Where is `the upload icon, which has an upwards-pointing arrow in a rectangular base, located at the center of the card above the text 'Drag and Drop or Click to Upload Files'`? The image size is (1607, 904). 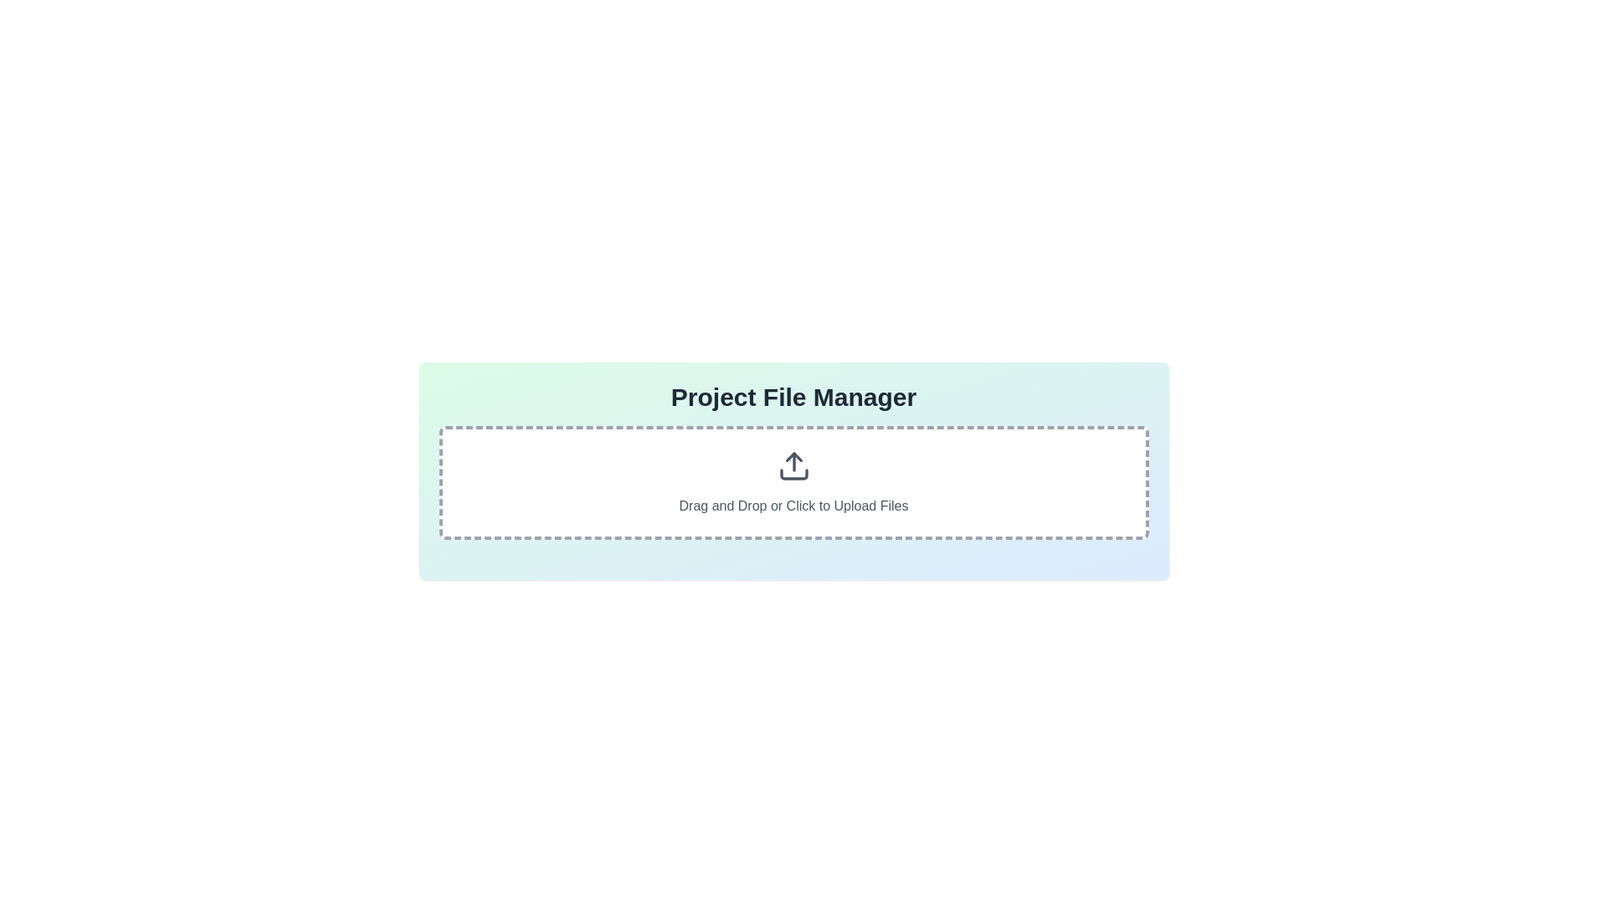 the upload icon, which has an upwards-pointing arrow in a rectangular base, located at the center of the card above the text 'Drag and Drop or Click to Upload Files' is located at coordinates (793, 465).